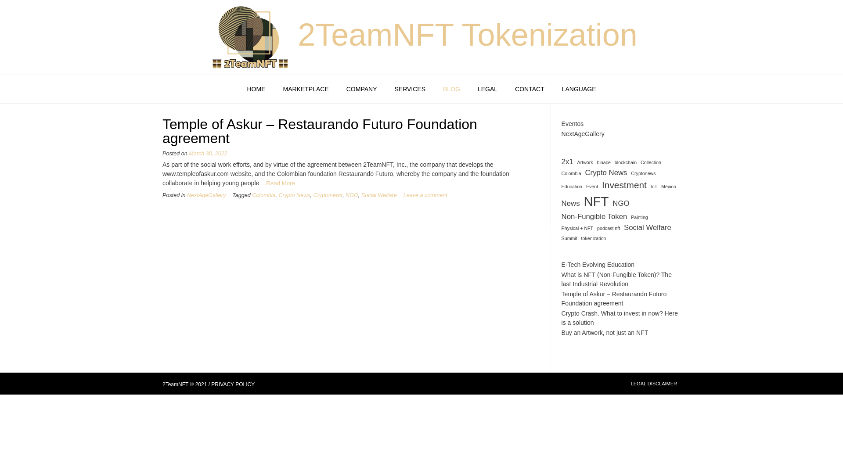  Describe the element at coordinates (425, 194) in the screenshot. I see `'Leave a comment'` at that location.